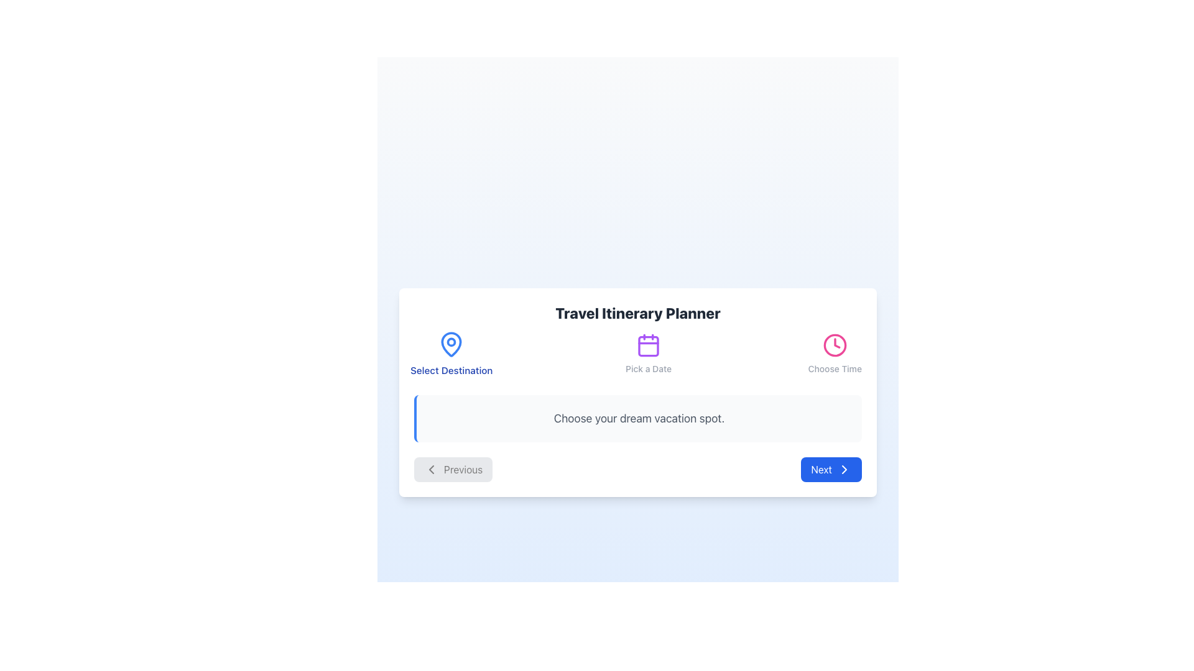 This screenshot has height=671, width=1194. I want to click on the label with the calendar icon that displays 'Pick a Date', which is styled with a gray font and has a purple outlined icon, so click(648, 354).